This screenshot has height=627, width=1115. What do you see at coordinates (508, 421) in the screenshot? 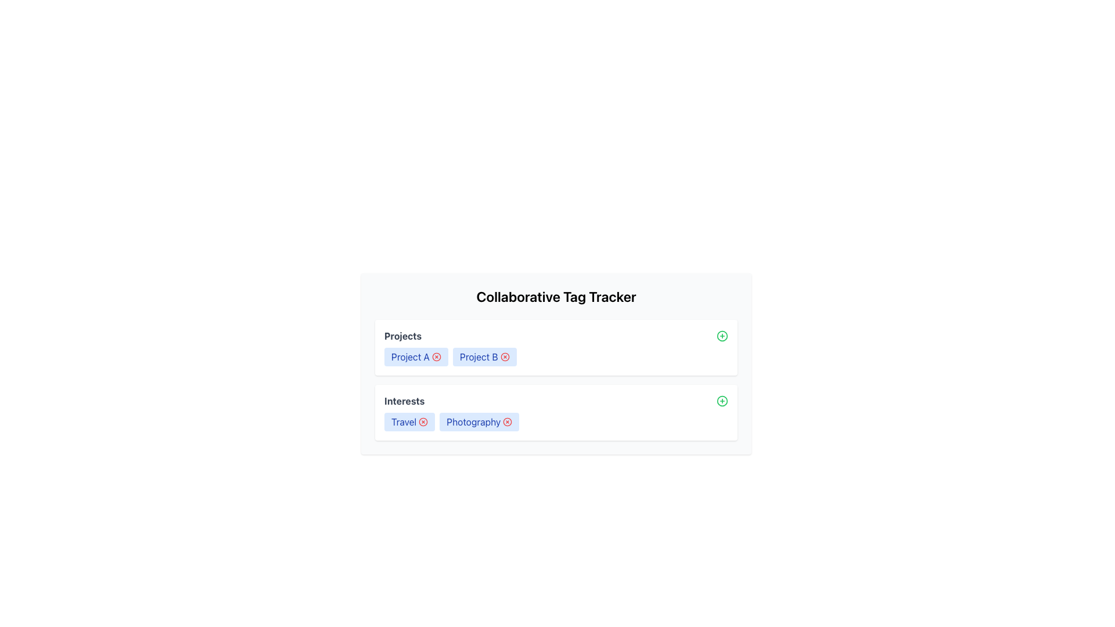
I see `the SVG Circle icon adjacent to the 'Photography' tag` at bounding box center [508, 421].